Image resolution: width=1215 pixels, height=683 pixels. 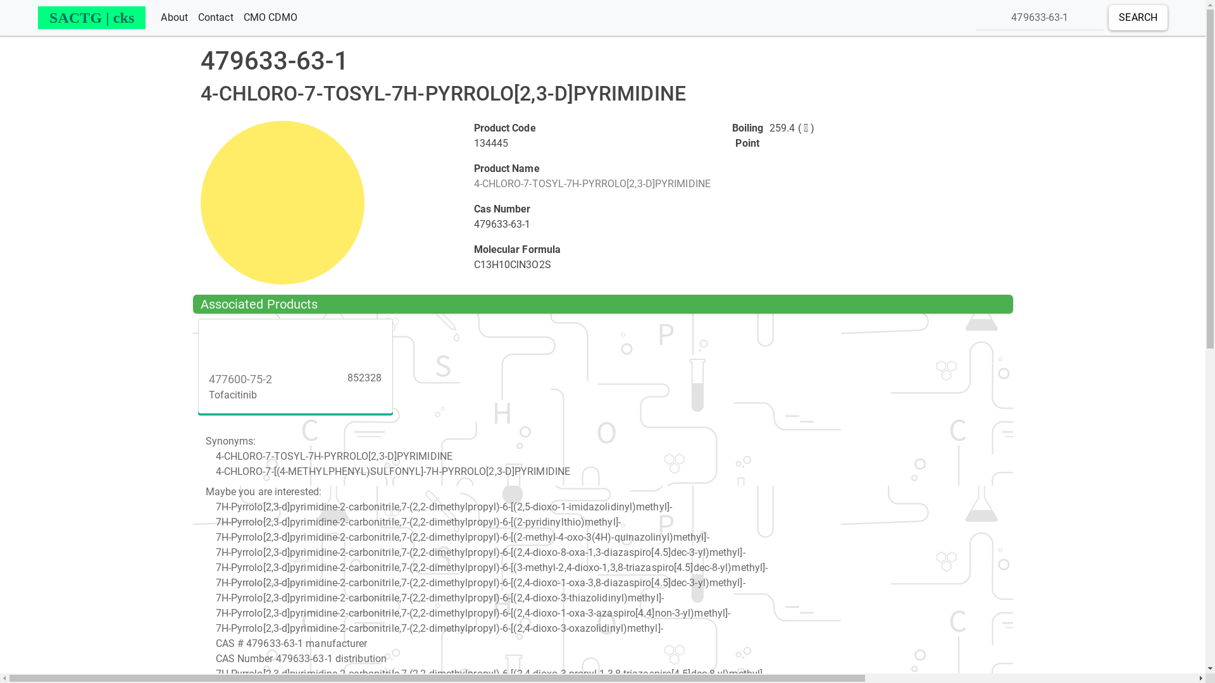 I want to click on 'CAS No 479633-63-1  Molecular Structure', so click(x=281, y=202).